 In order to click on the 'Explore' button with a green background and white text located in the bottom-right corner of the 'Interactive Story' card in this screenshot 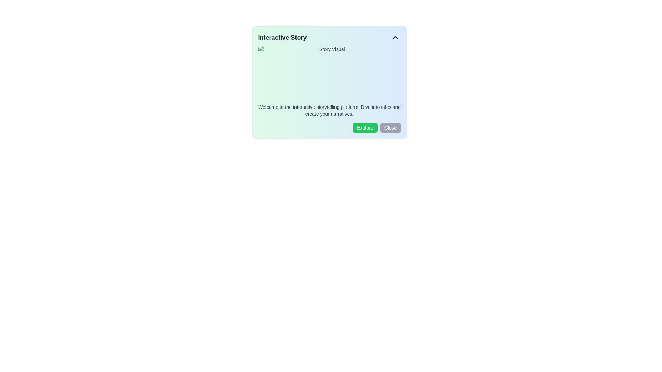, I will do `click(364, 127)`.